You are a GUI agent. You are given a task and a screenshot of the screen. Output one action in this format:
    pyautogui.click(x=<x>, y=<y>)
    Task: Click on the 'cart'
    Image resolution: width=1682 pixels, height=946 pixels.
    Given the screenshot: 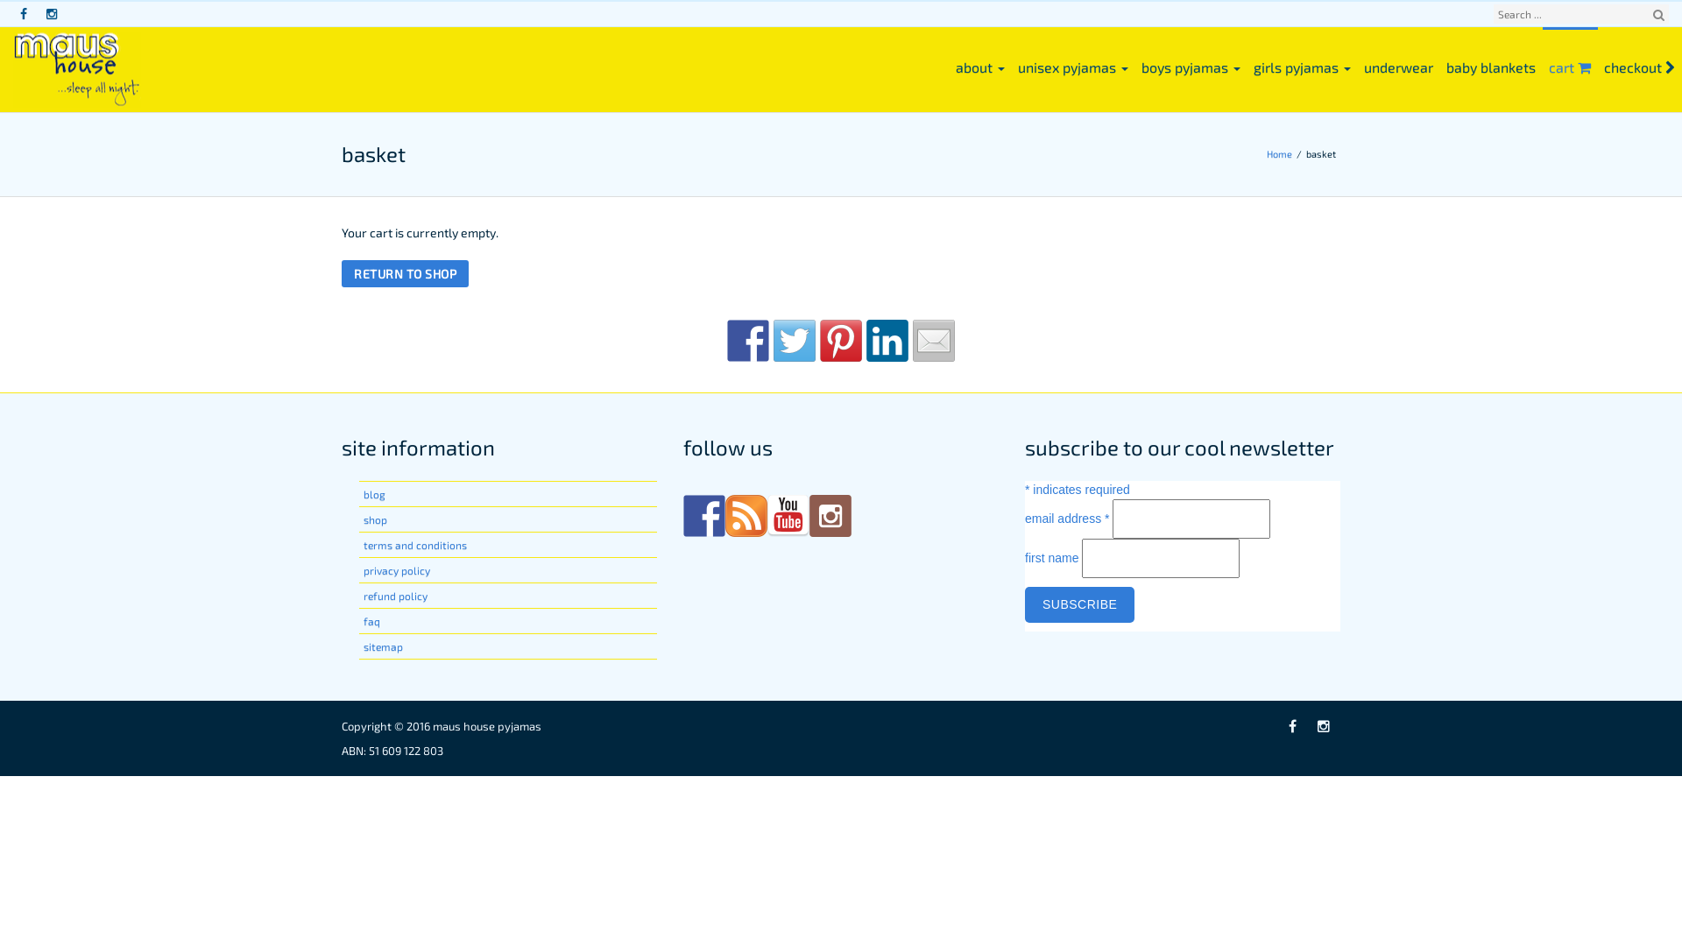 What is the action you would take?
    pyautogui.click(x=1570, y=66)
    